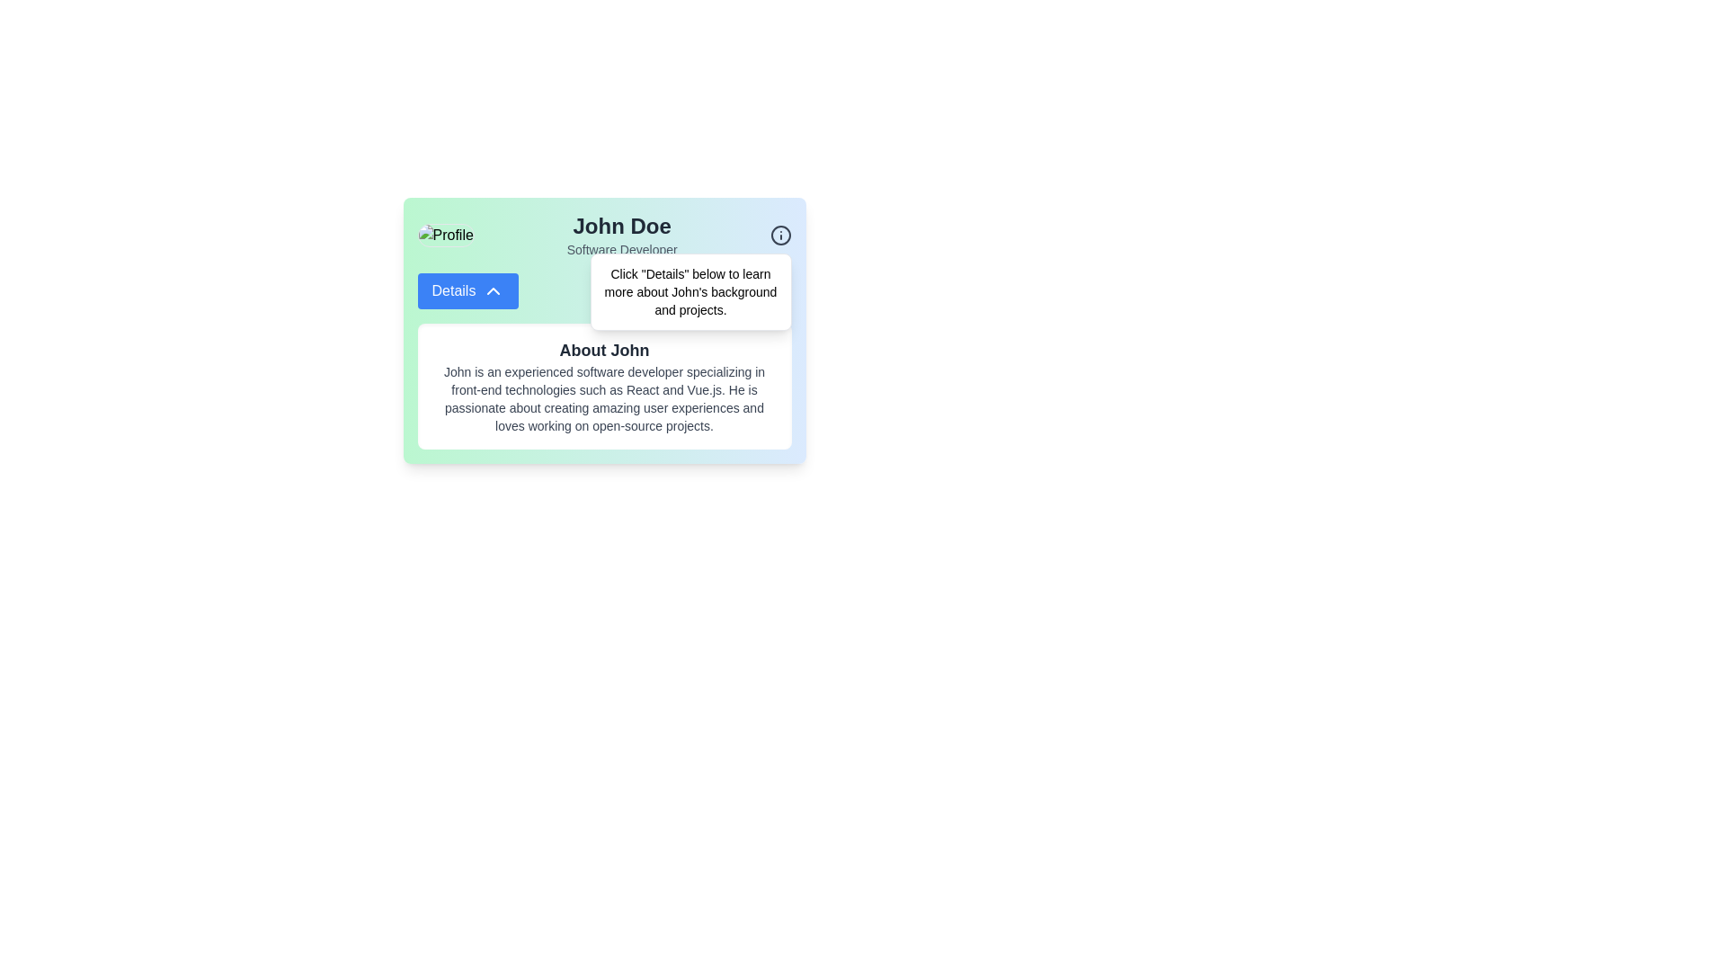 Image resolution: width=1726 pixels, height=971 pixels. Describe the element at coordinates (780, 235) in the screenshot. I see `the small circular icon with an information symbol inside, located in the top-right corner of John Doe's profile section` at that location.